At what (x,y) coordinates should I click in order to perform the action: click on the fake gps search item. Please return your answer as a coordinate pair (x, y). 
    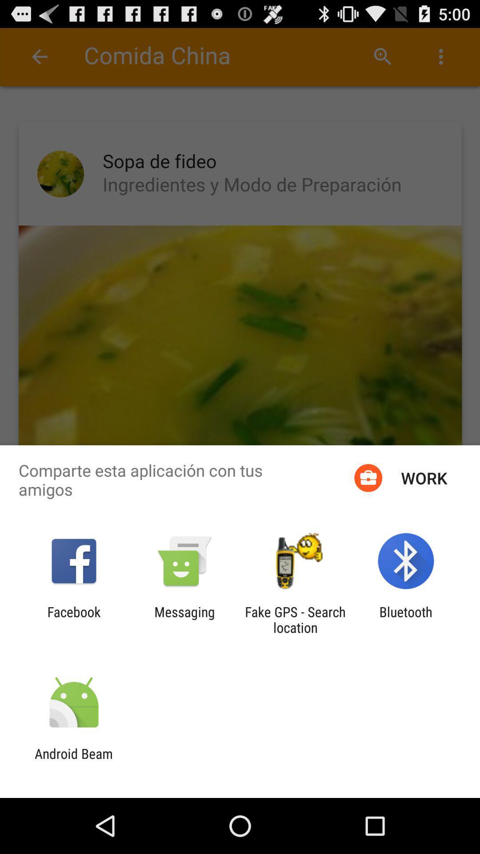
    Looking at the image, I should click on (295, 619).